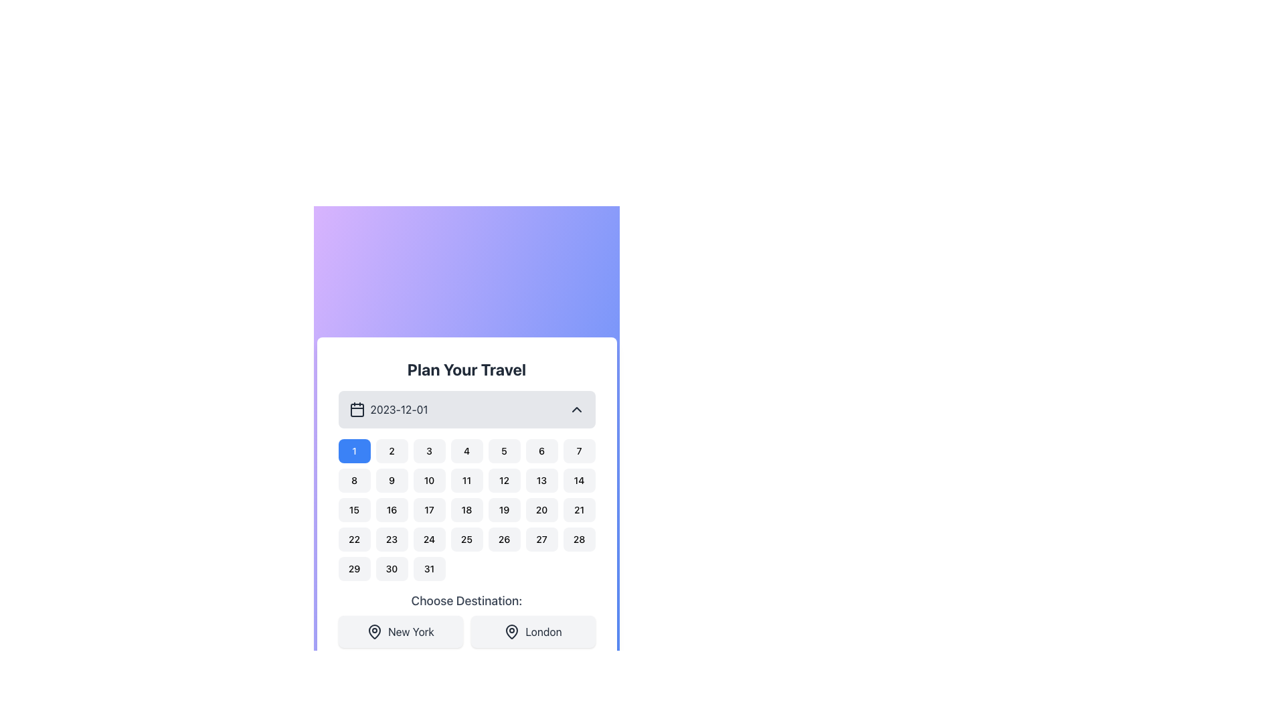 This screenshot has height=723, width=1285. I want to click on the rounded rectangular button with the number '27' in a black font to trigger the hover effect, so click(541, 539).